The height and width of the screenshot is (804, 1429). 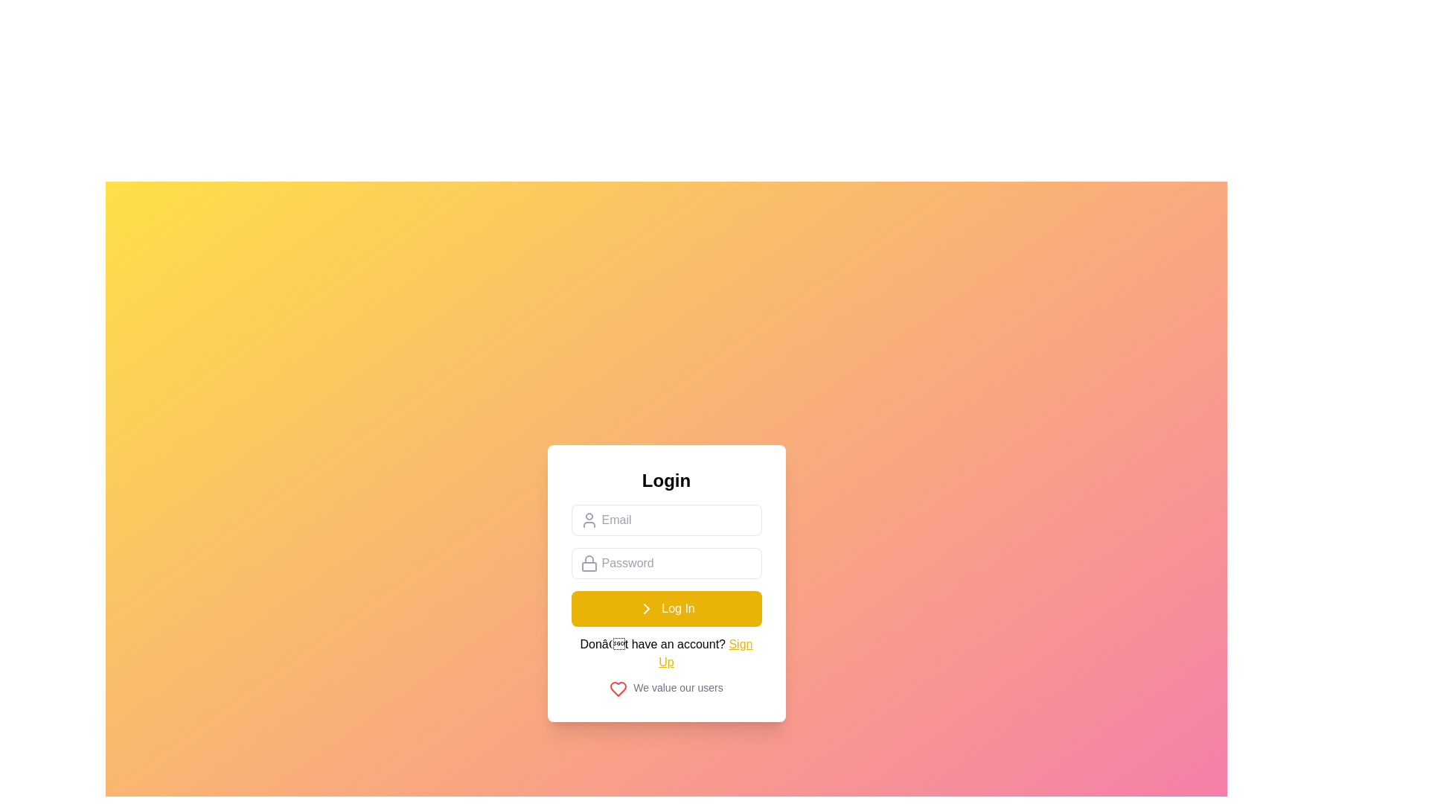 I want to click on the decorative icon representing the password entry functionality at the beginning of the password input field, so click(x=588, y=563).